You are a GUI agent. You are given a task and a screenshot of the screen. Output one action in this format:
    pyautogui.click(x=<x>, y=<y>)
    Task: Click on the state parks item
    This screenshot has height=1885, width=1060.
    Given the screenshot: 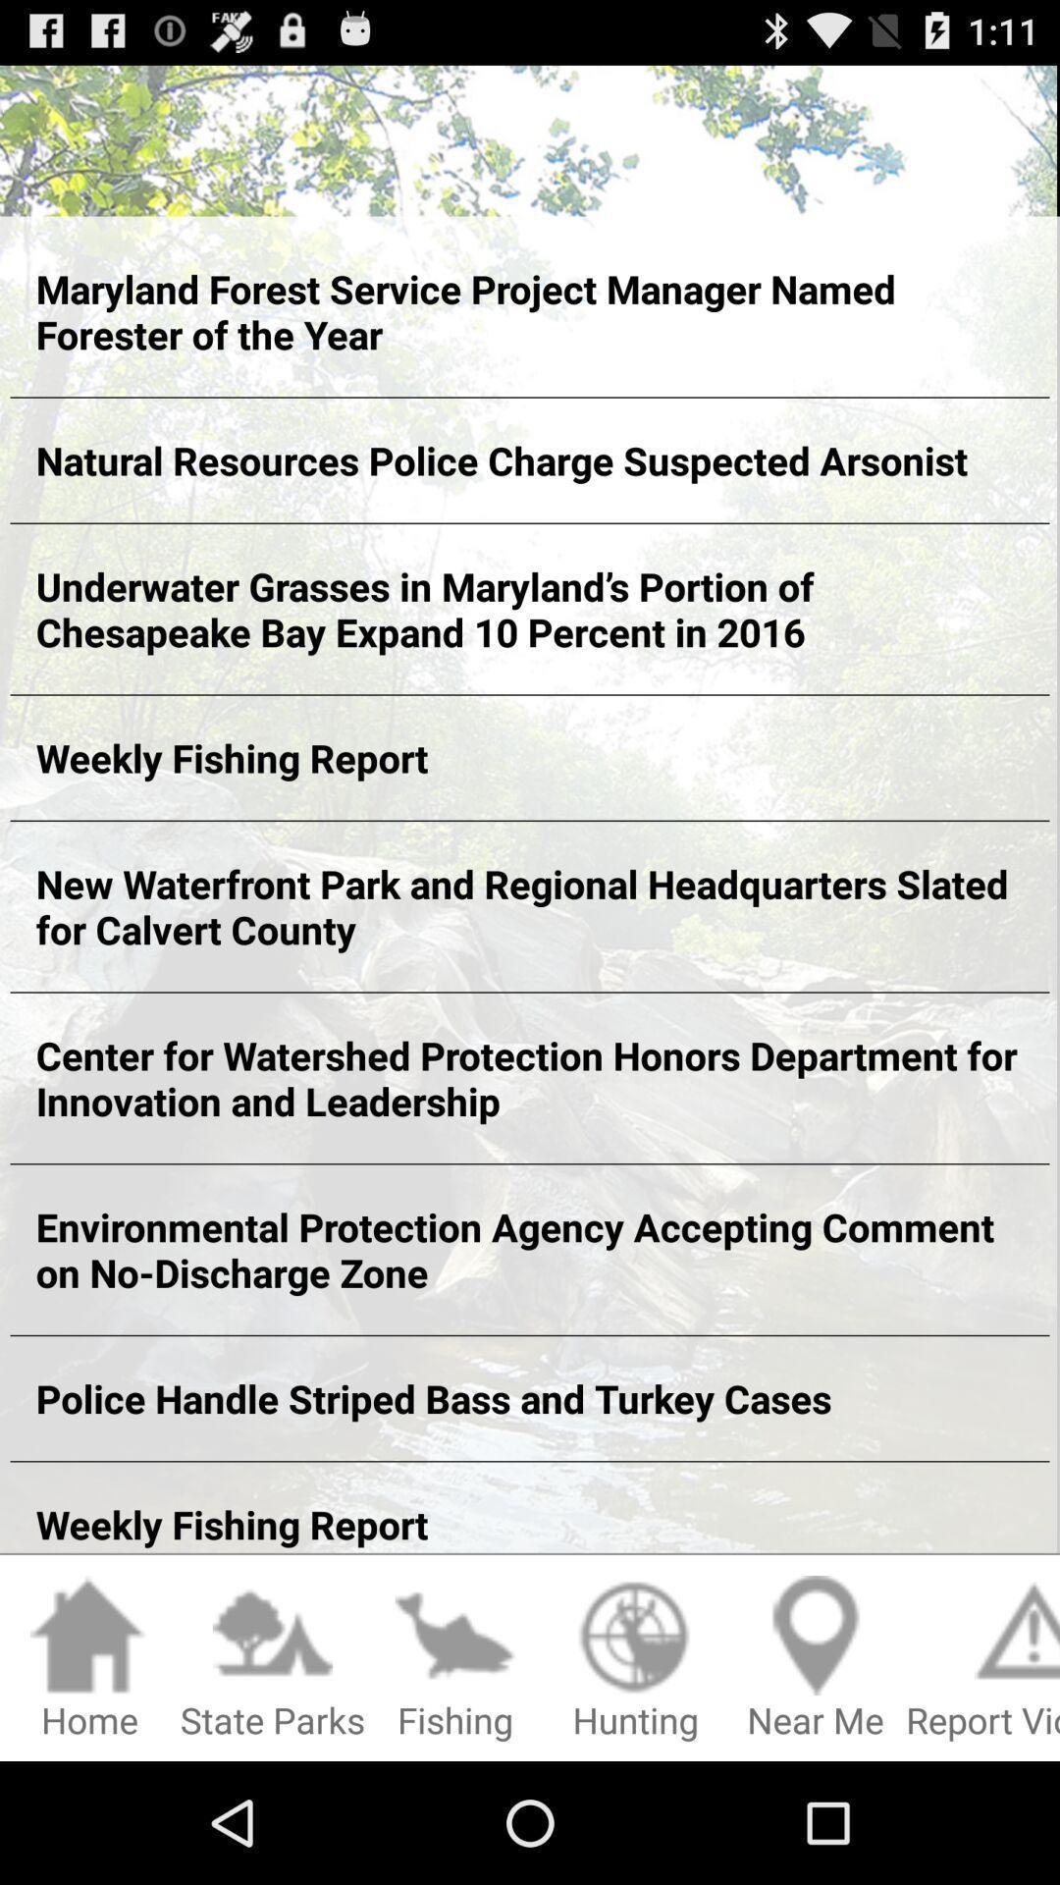 What is the action you would take?
    pyautogui.click(x=272, y=1658)
    